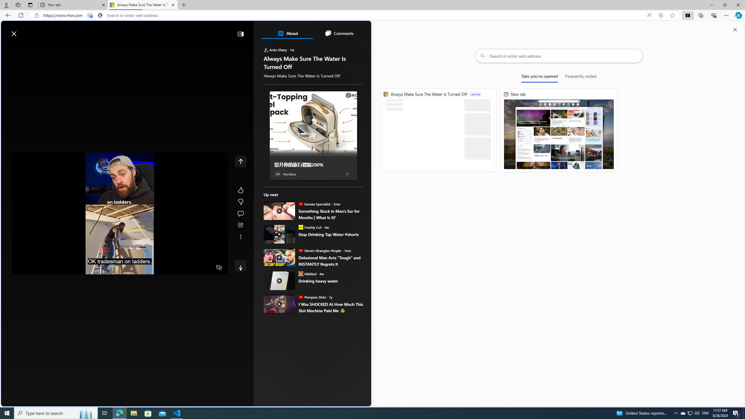  Describe the element at coordinates (726, 15) in the screenshot. I see `'Settings and more (Alt+F)'` at that location.